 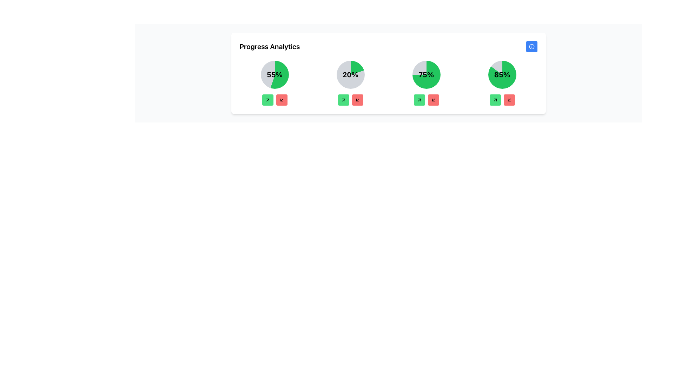 What do you see at coordinates (509, 100) in the screenshot?
I see `the button located in the bottom right corner of the progress analytics card` at bounding box center [509, 100].